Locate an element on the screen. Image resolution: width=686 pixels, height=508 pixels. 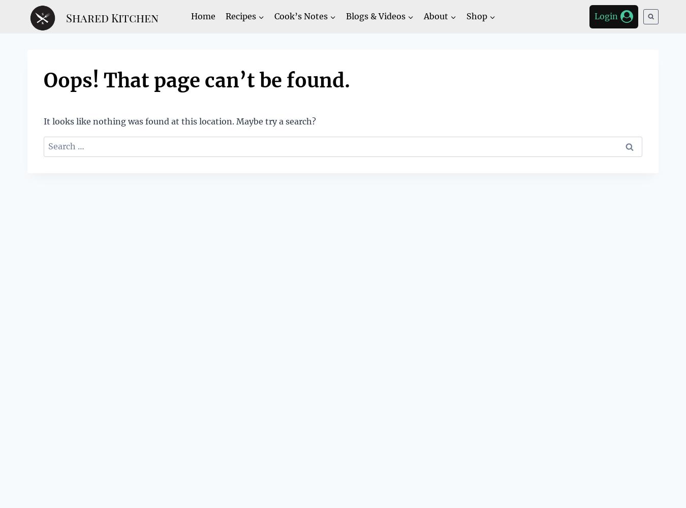
'Home' is located at coordinates (203, 16).